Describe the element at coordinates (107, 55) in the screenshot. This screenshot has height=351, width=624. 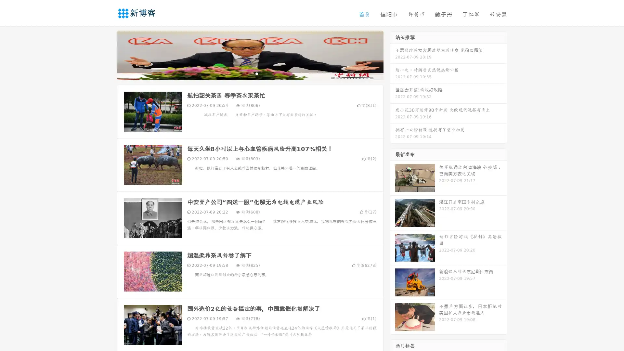
I see `Previous slide` at that location.